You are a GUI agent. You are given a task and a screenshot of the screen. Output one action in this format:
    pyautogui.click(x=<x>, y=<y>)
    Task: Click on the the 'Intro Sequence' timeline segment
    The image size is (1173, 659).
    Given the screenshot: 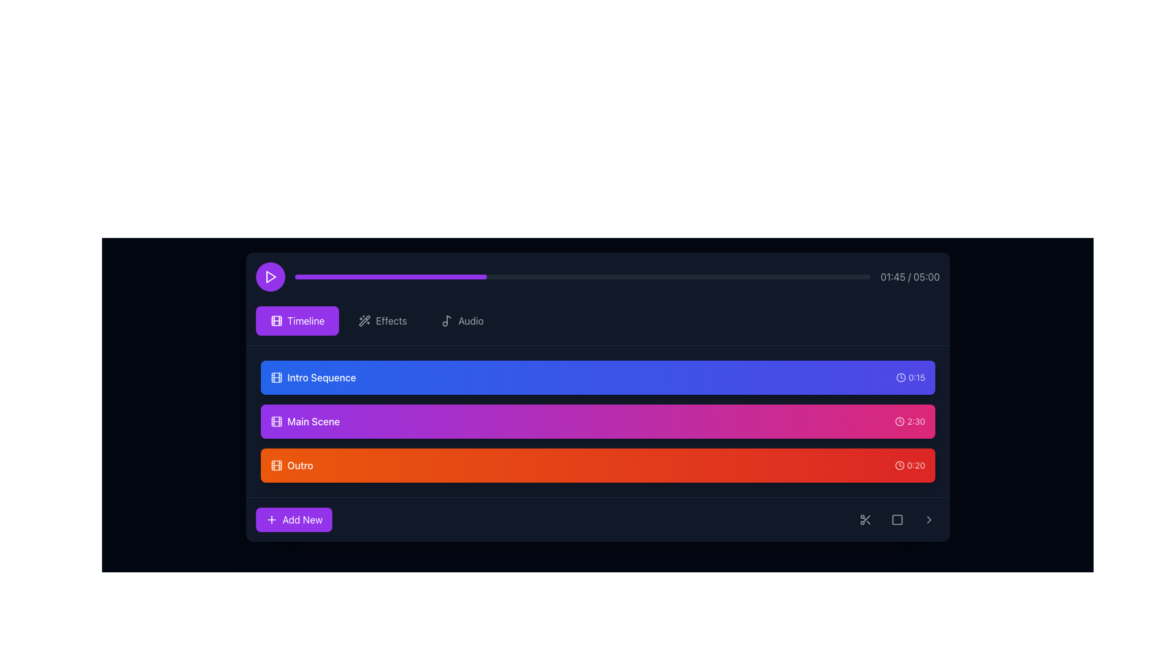 What is the action you would take?
    pyautogui.click(x=597, y=376)
    